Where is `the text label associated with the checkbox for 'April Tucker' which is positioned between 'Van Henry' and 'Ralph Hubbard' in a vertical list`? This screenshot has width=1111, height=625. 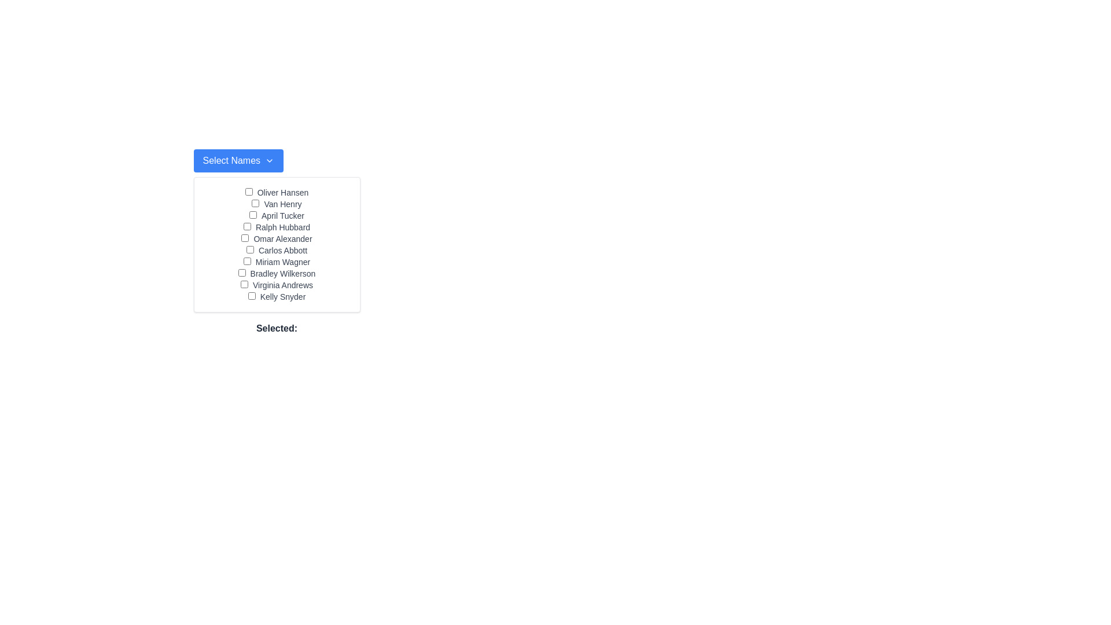 the text label associated with the checkbox for 'April Tucker' which is positioned between 'Van Henry' and 'Ralph Hubbard' in a vertical list is located at coordinates (276, 216).